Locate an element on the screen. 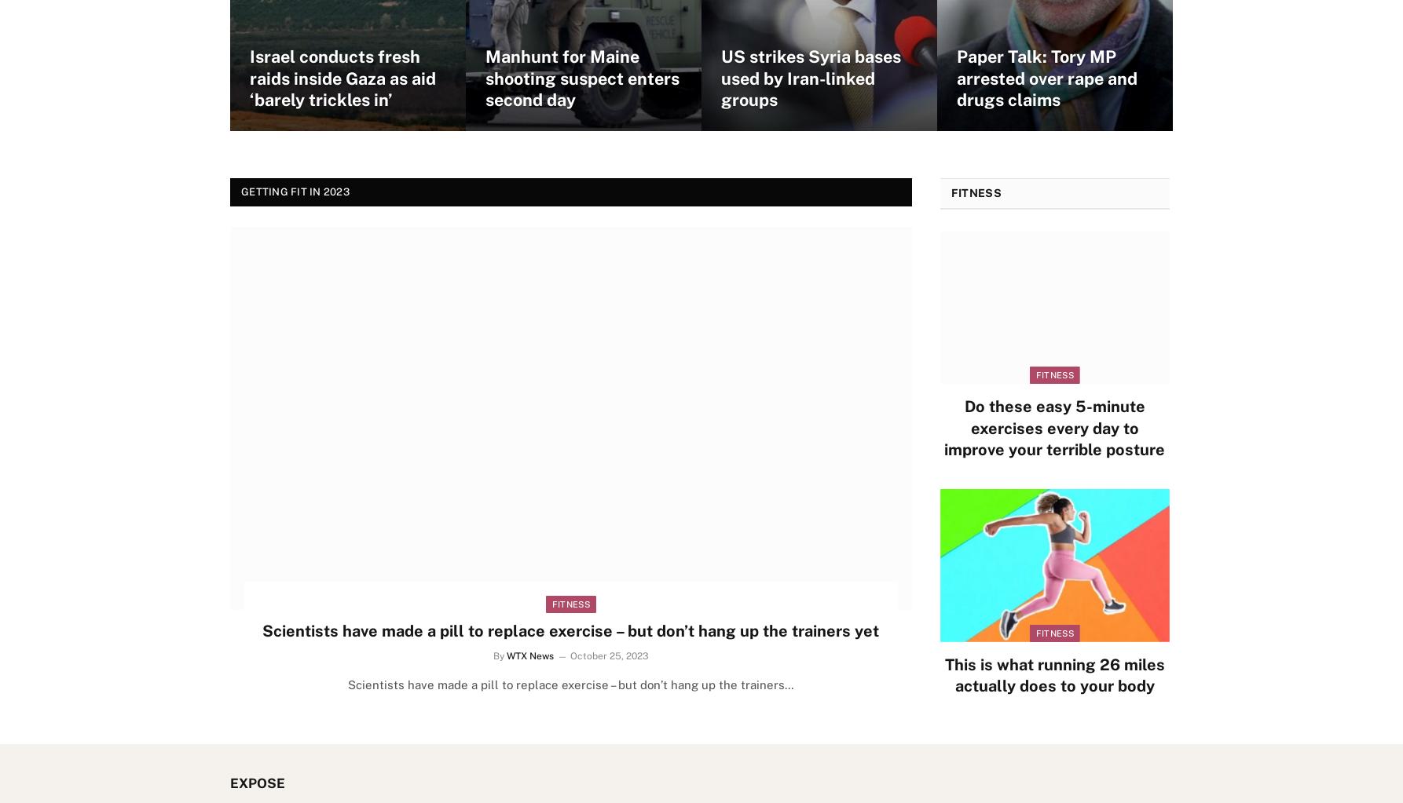 Image resolution: width=1403 pixels, height=803 pixels. 'Do these easy 5-minute exercises every day to improve your terrible posture' is located at coordinates (1053, 426).